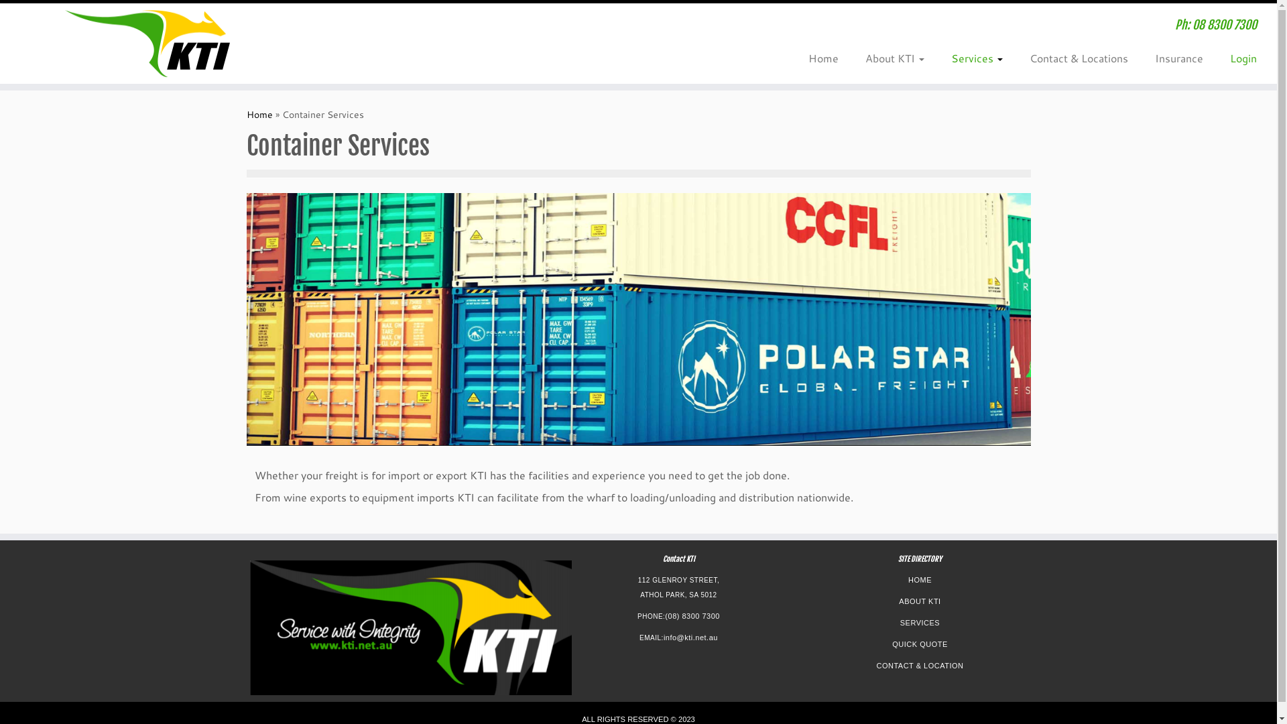 This screenshot has width=1287, height=724. I want to click on 'QUICK QUOTE', so click(892, 643).